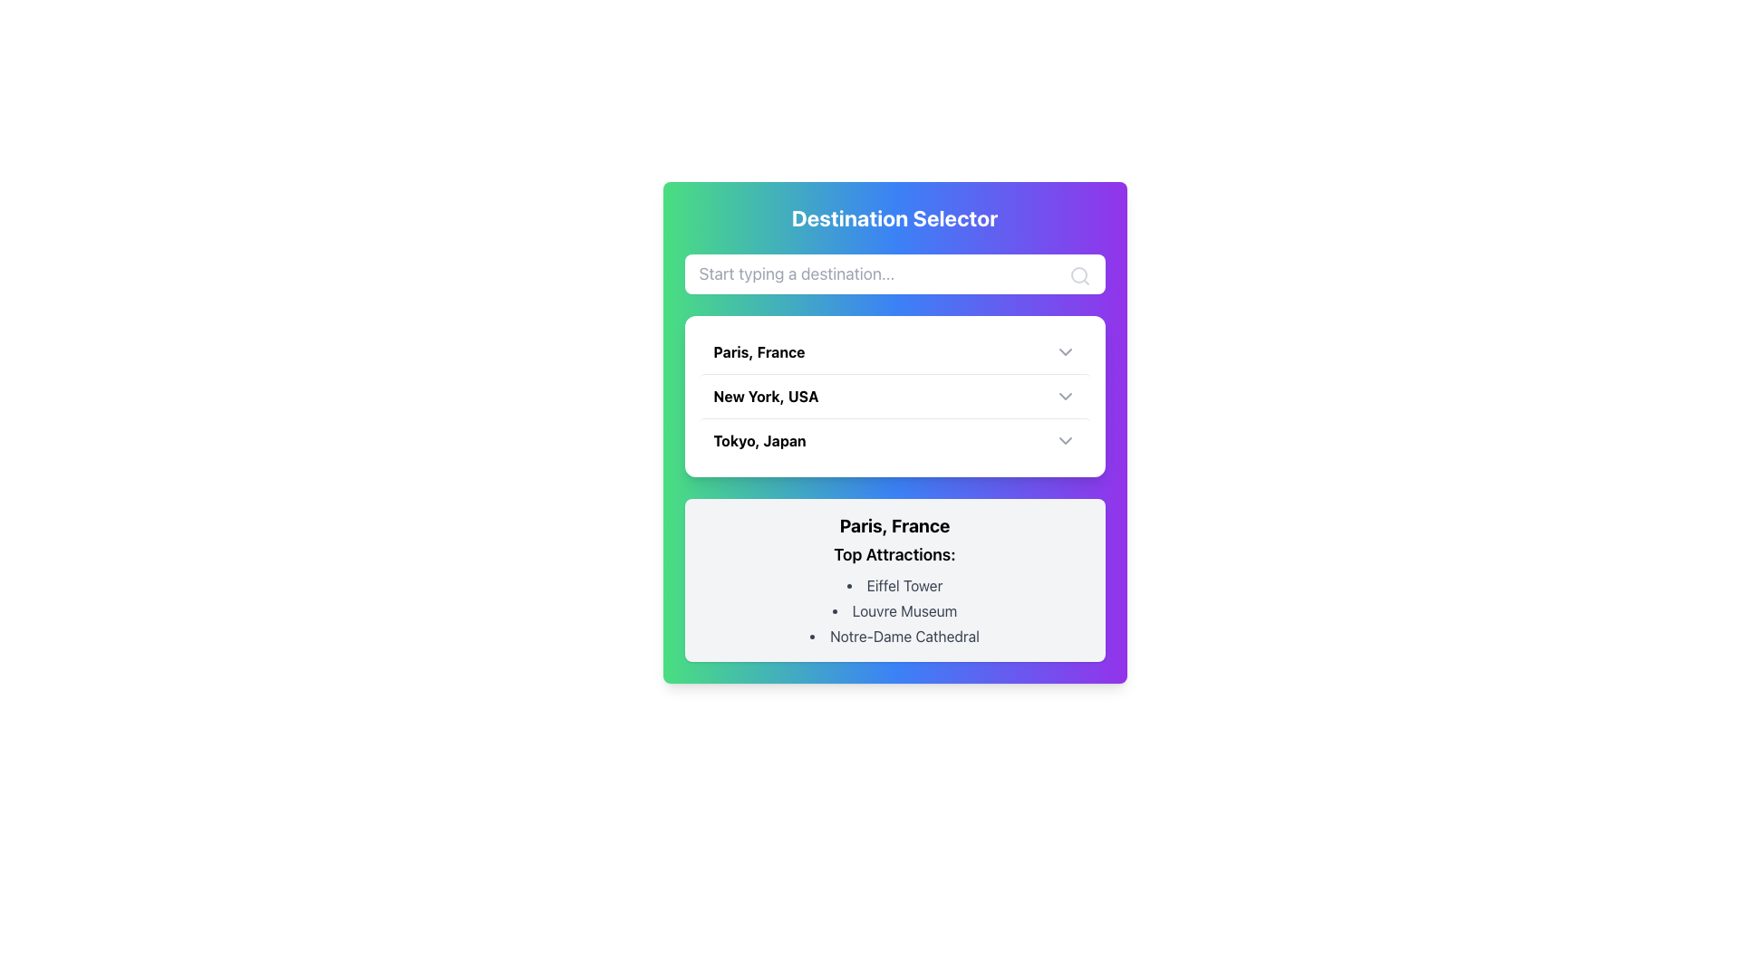 The height and width of the screenshot is (978, 1740). I want to click on the circular SVG element with an 8-unit radius, located in the top-right corner of the purple gradient search interface, so click(1078, 275).